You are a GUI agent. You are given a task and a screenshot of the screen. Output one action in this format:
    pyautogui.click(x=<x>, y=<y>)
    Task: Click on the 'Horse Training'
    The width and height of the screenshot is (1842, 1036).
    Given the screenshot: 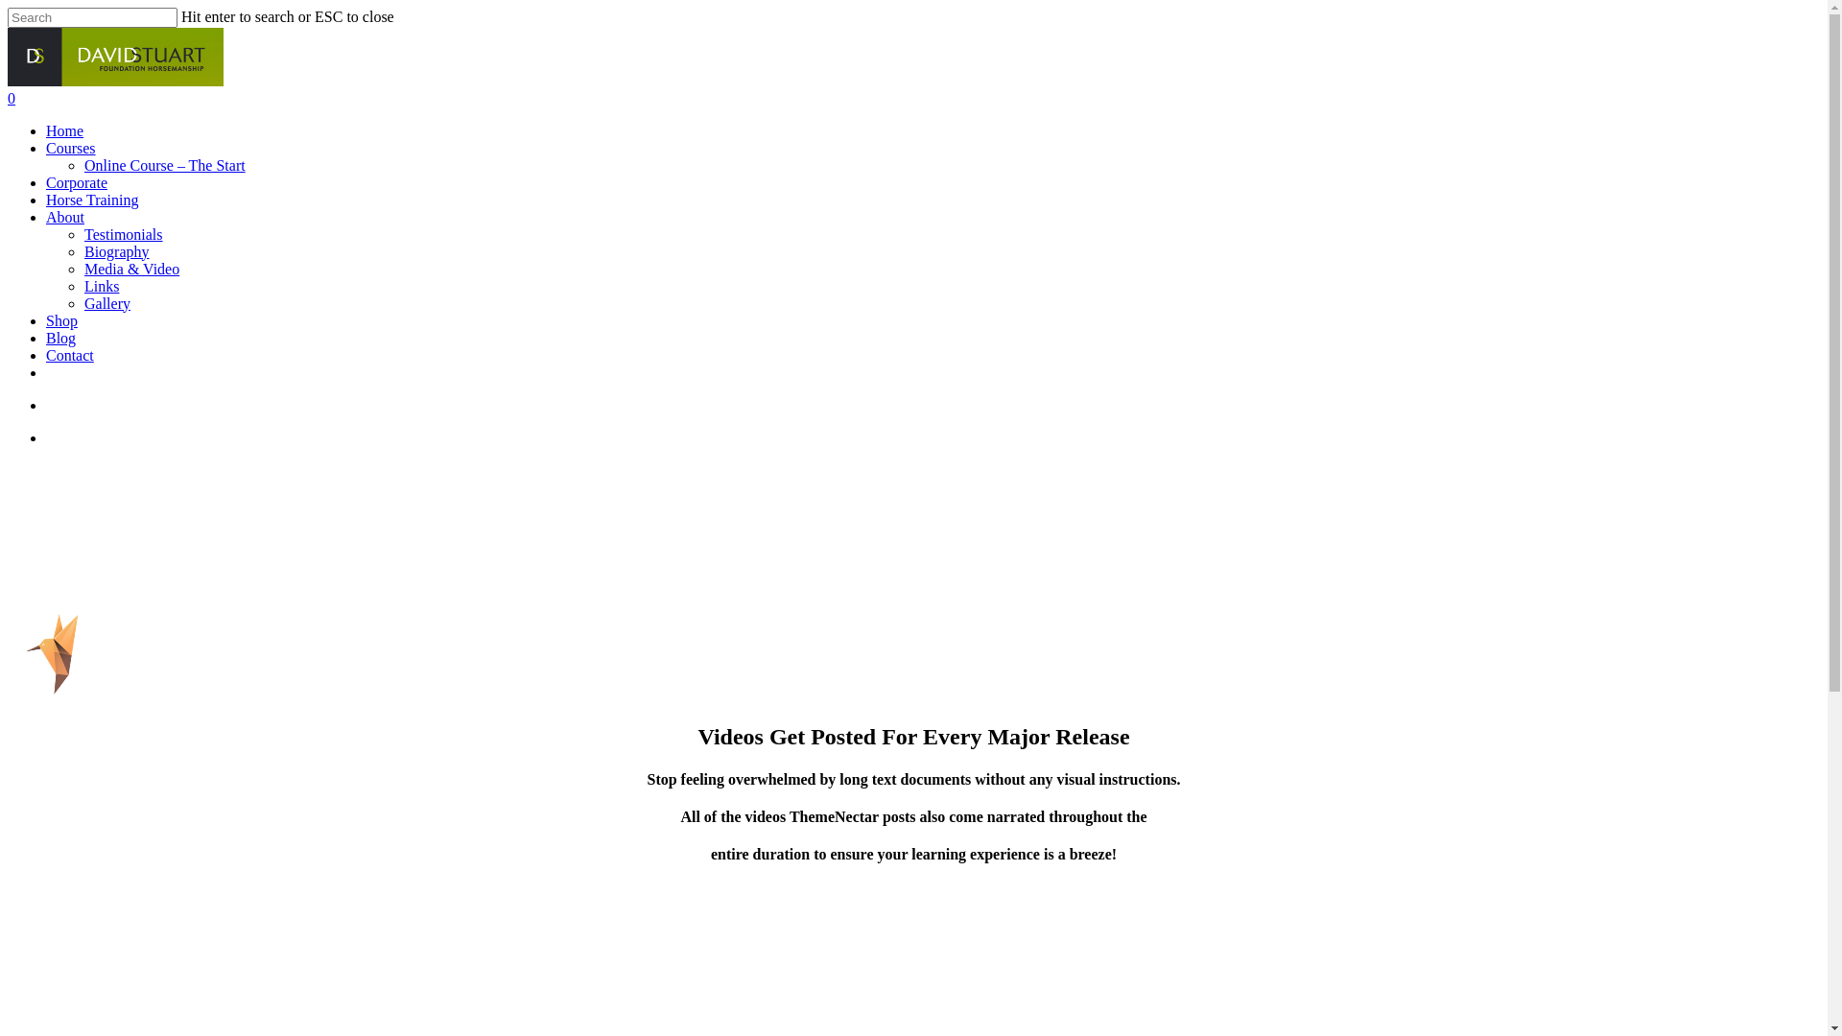 What is the action you would take?
    pyautogui.click(x=91, y=200)
    